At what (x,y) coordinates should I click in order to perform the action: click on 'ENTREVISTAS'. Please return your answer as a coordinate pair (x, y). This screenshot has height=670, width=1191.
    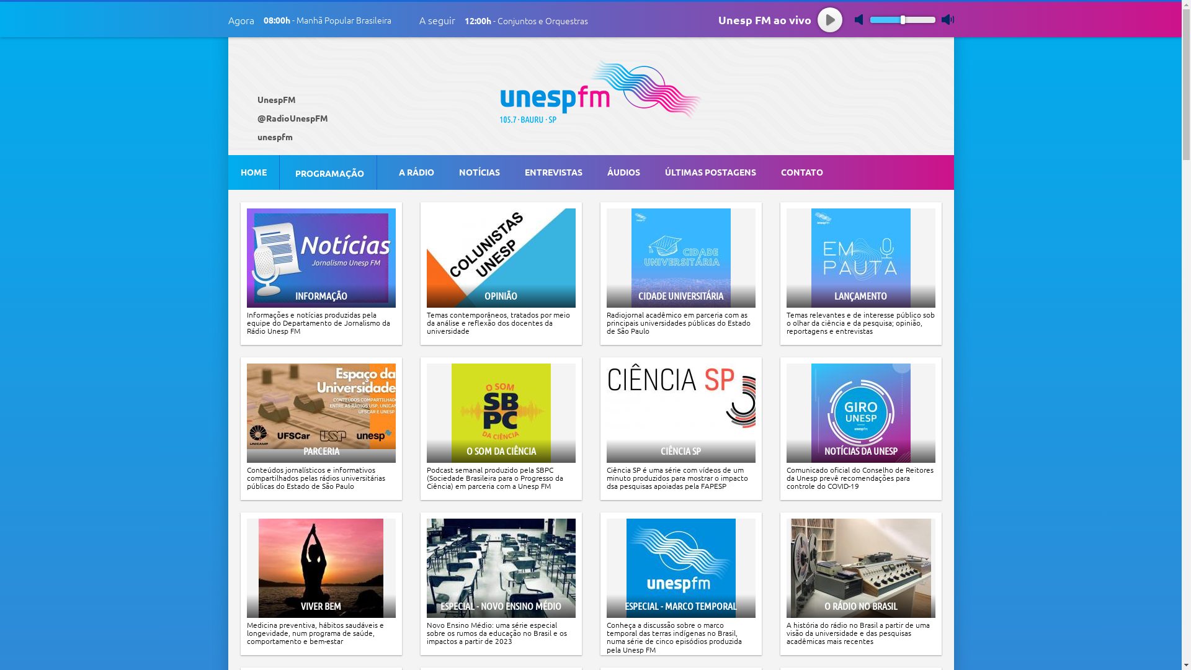
    Looking at the image, I should click on (553, 172).